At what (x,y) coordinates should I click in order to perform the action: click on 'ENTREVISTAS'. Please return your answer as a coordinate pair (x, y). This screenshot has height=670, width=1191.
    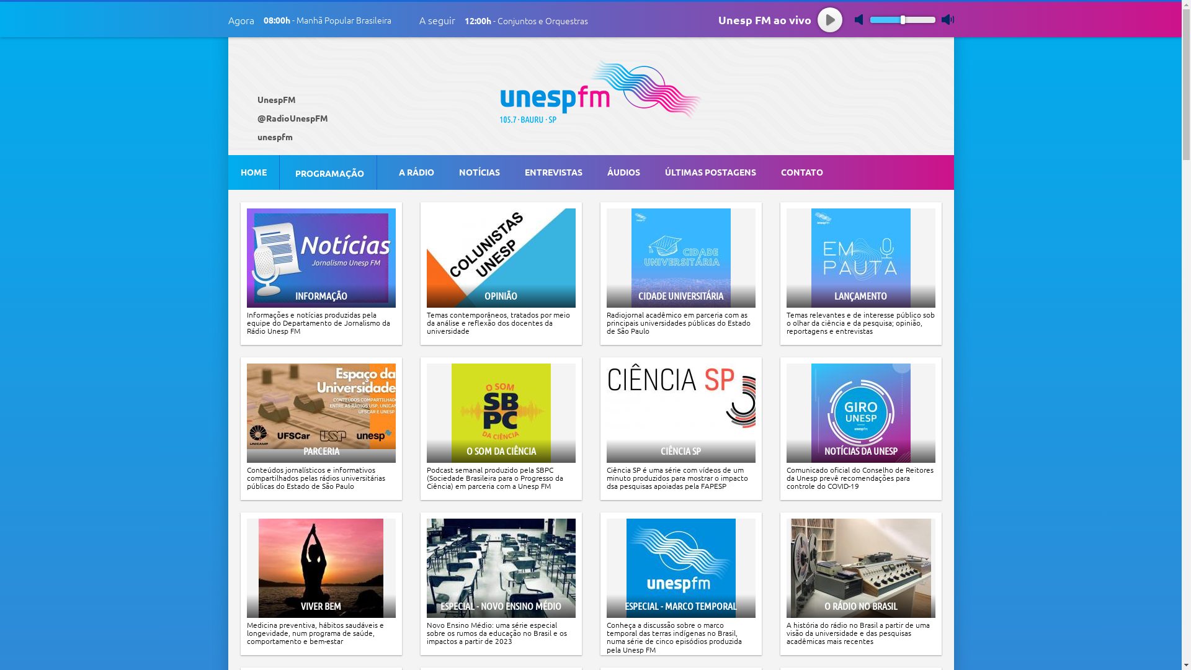
    Looking at the image, I should click on (553, 172).